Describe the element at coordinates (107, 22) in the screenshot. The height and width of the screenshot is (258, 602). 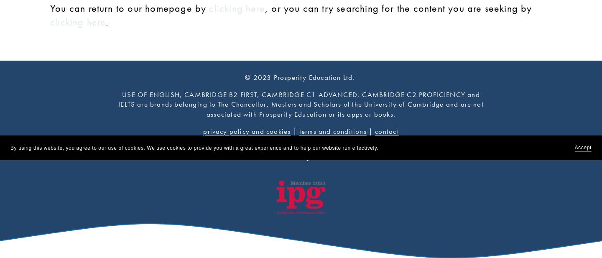
I see `'.'` at that location.